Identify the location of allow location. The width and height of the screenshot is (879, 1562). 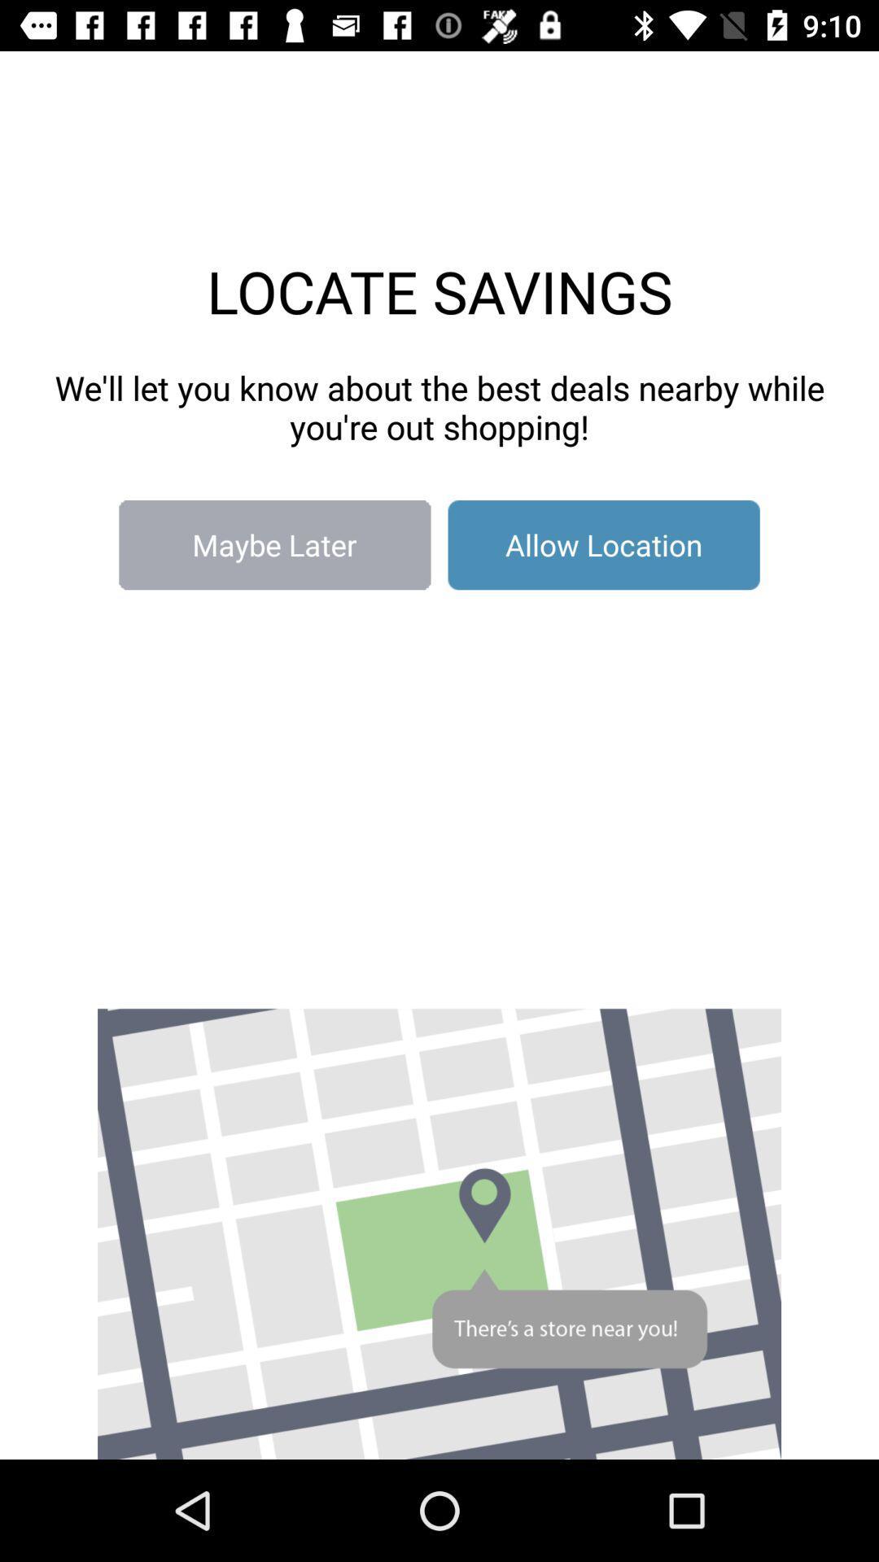
(604, 545).